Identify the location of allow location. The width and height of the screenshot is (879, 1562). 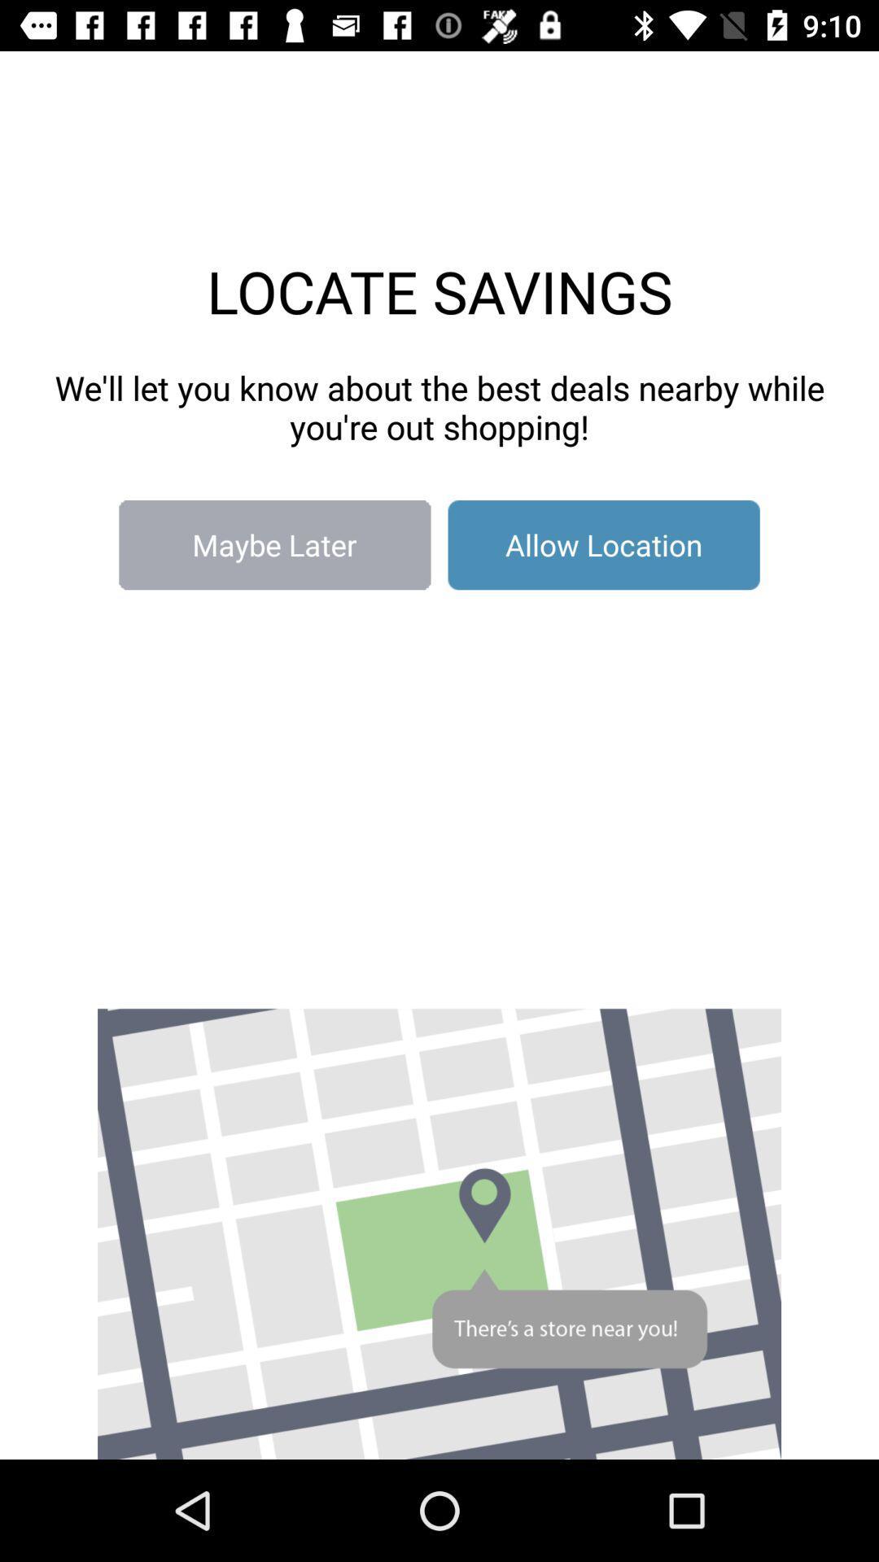
(604, 545).